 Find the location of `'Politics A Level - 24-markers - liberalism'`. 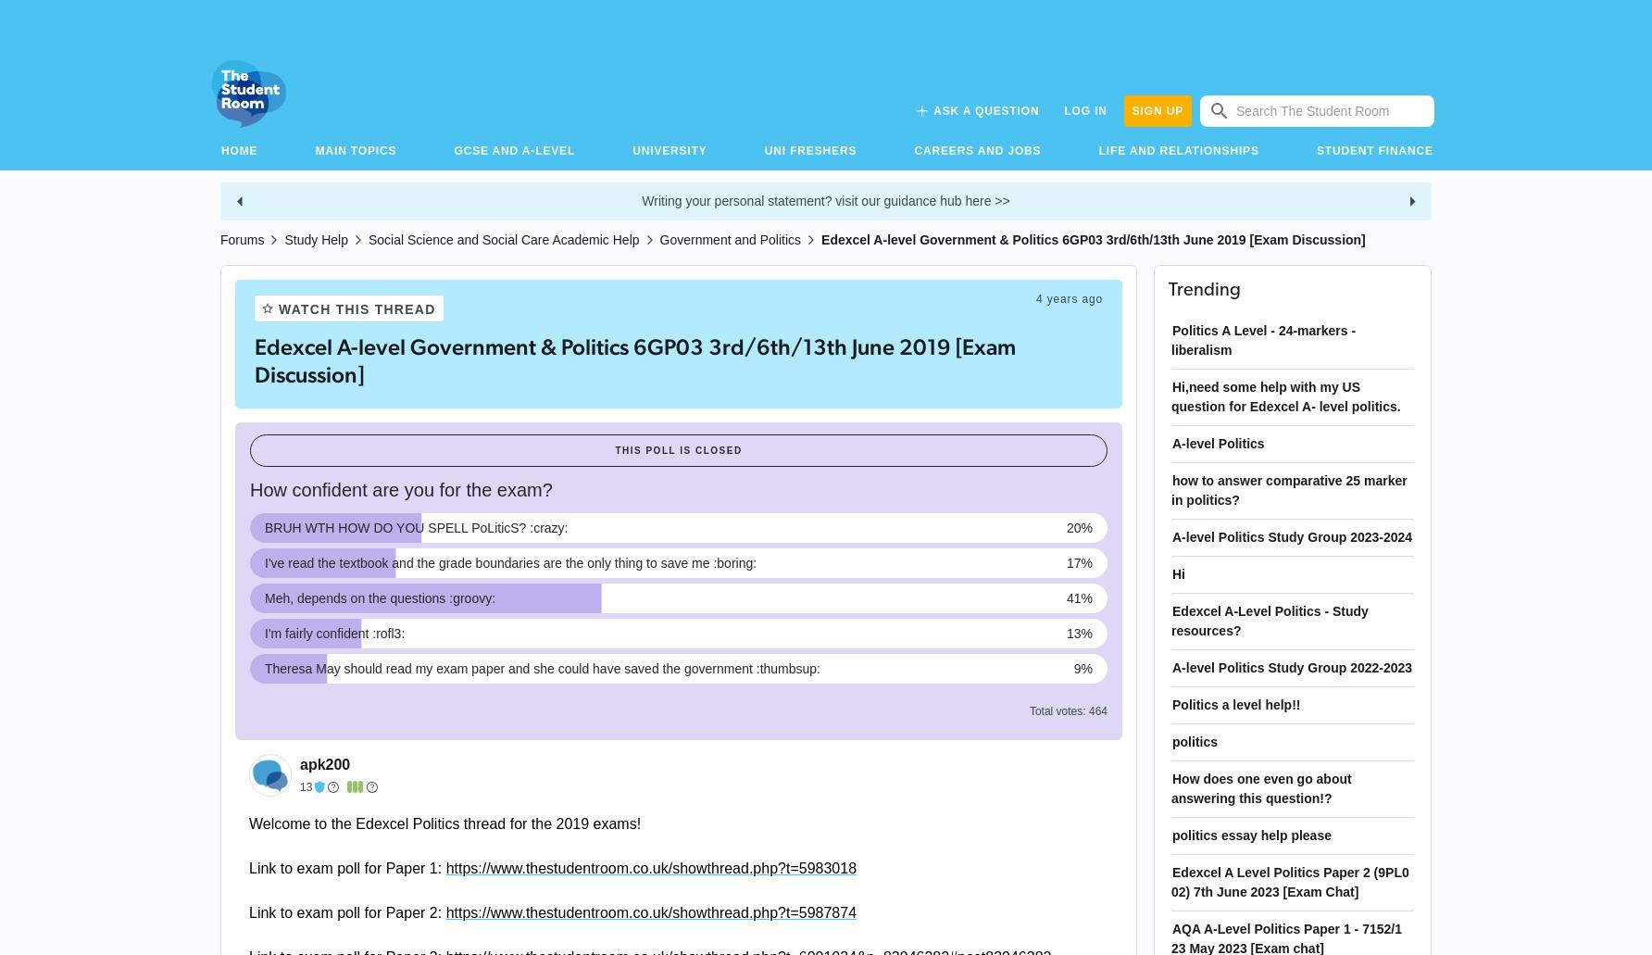

'Politics A Level - 24-markers - liberalism' is located at coordinates (1263, 339).